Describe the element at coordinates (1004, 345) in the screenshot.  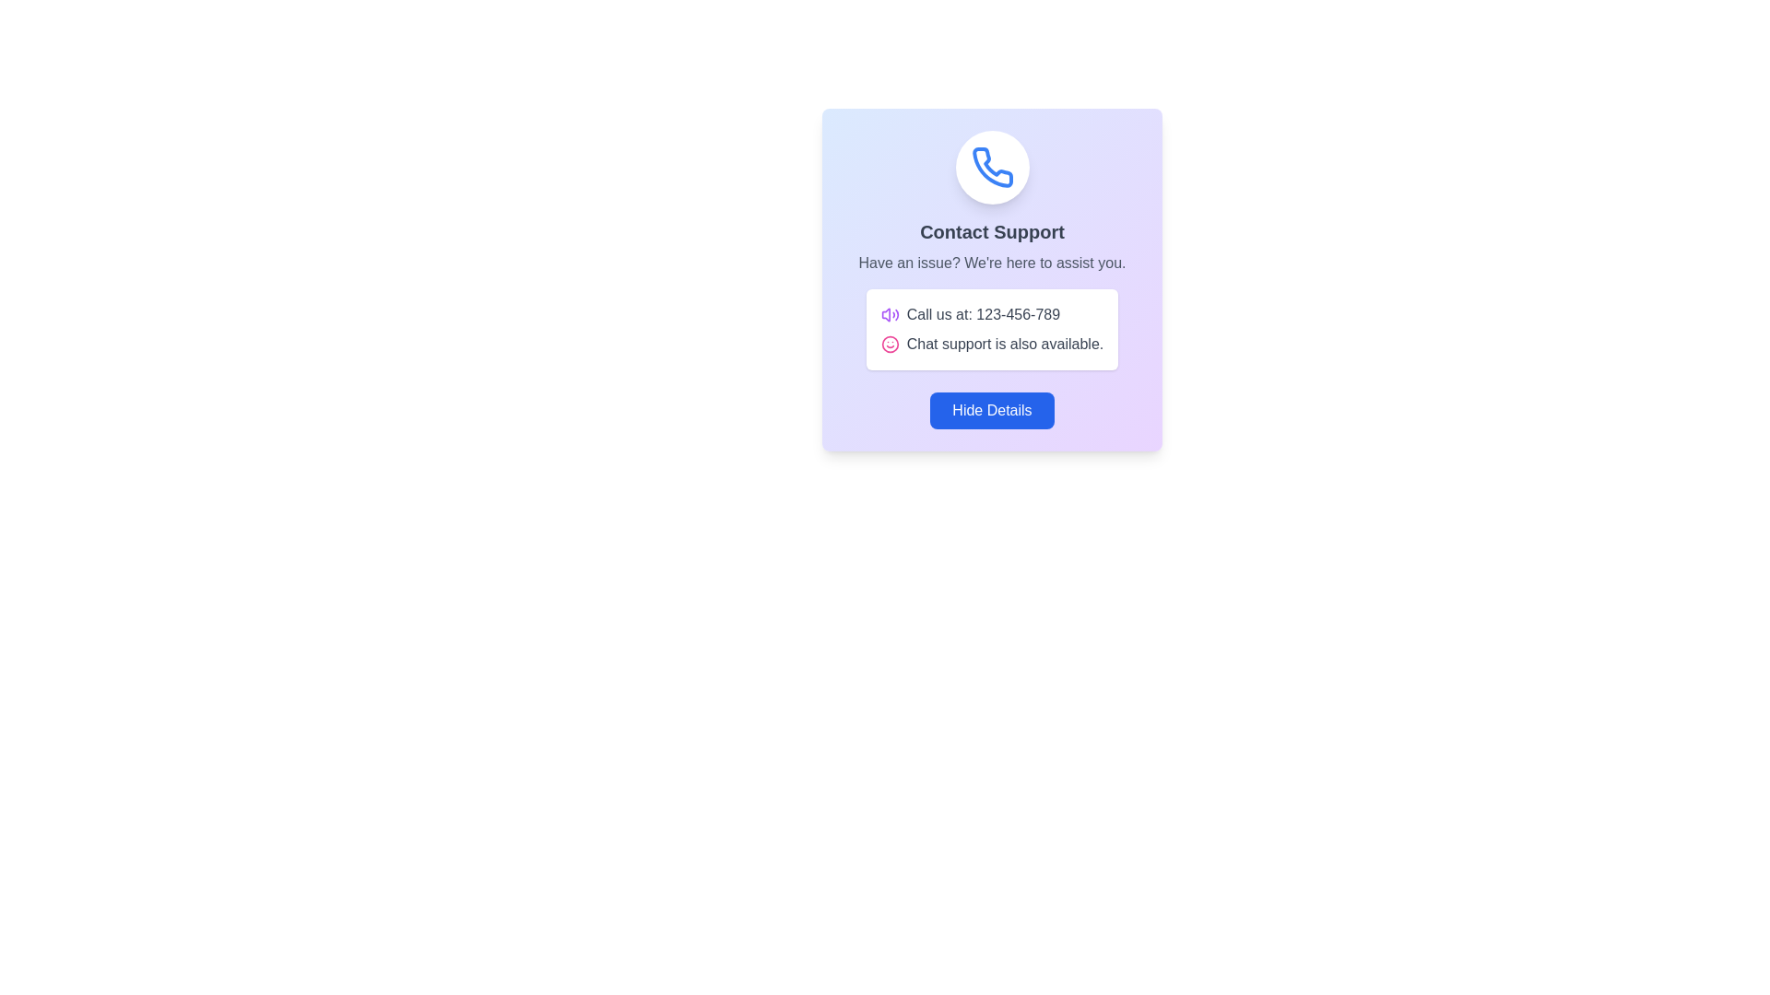
I see `the text label that reads 'Chat support is also available.' which is styled in gray and aligned horizontally next to a smiley face icon` at that location.